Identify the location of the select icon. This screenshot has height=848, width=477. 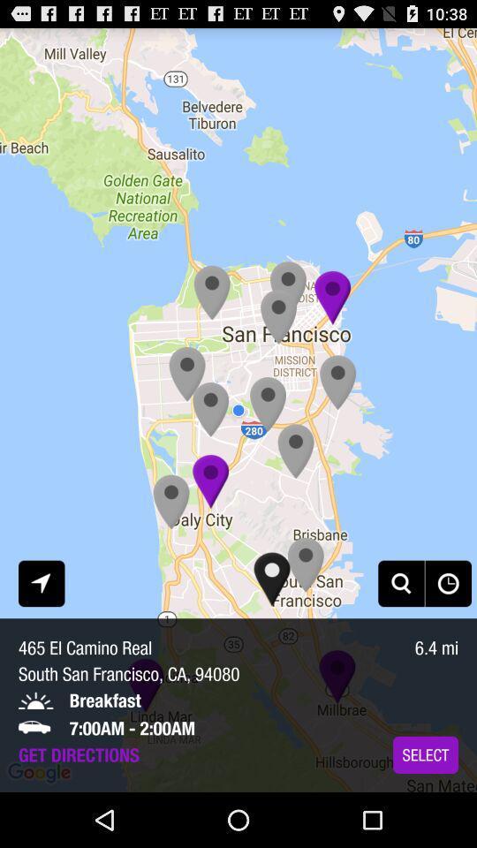
(425, 753).